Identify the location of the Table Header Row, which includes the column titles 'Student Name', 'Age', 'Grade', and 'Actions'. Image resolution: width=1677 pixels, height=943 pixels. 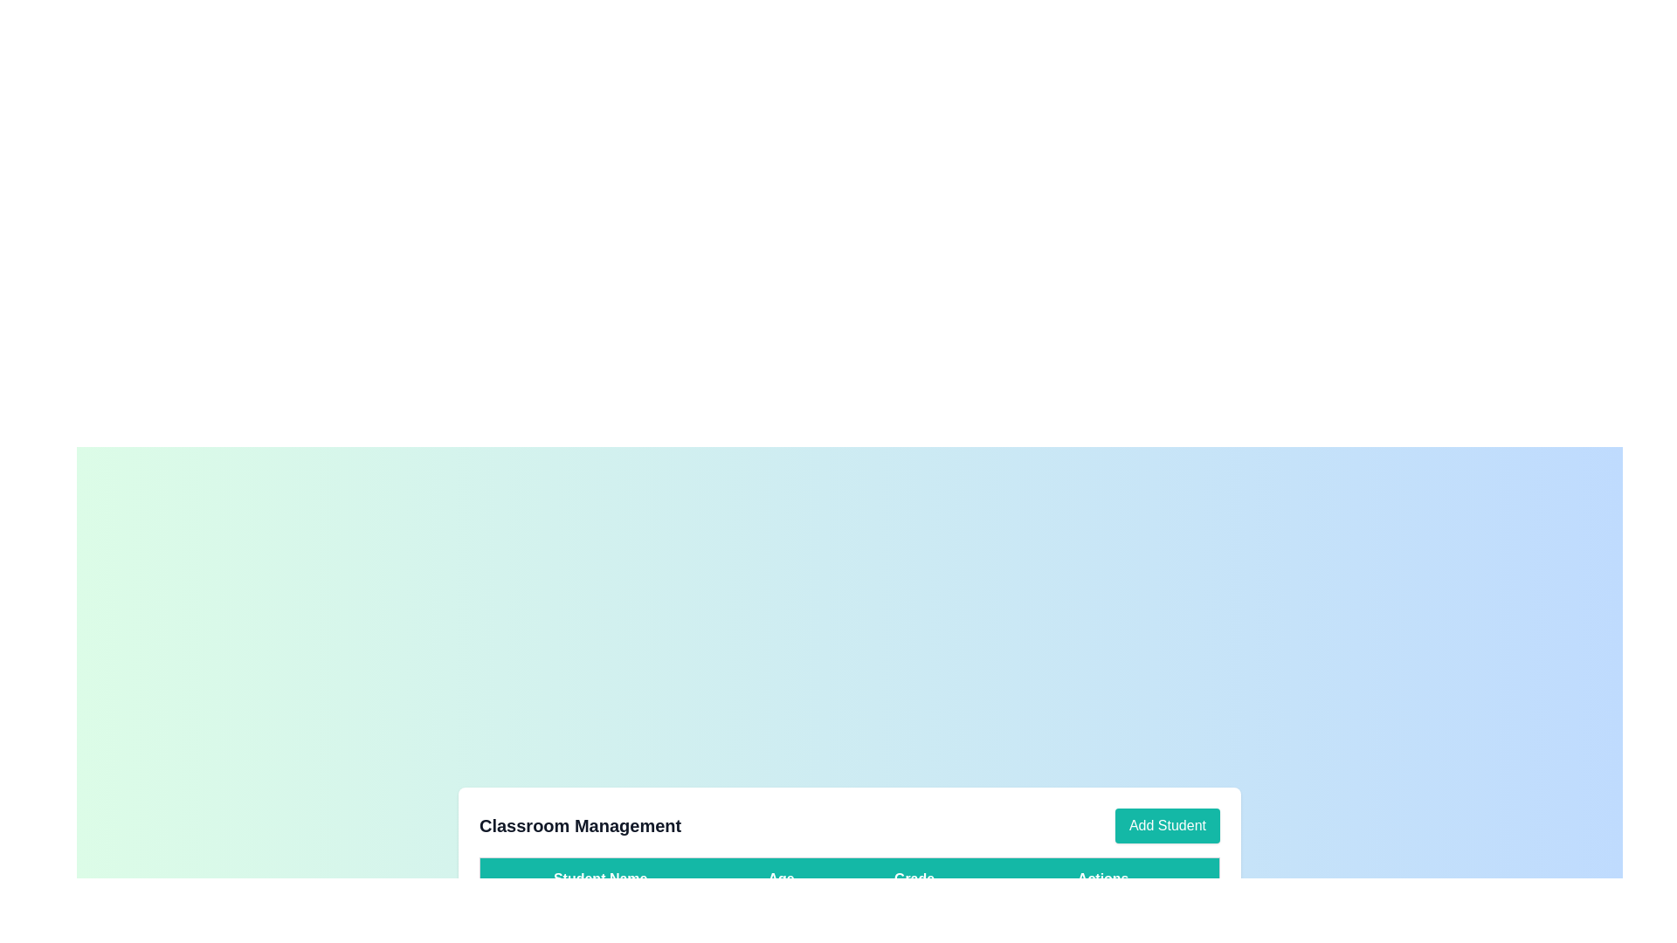
(850, 878).